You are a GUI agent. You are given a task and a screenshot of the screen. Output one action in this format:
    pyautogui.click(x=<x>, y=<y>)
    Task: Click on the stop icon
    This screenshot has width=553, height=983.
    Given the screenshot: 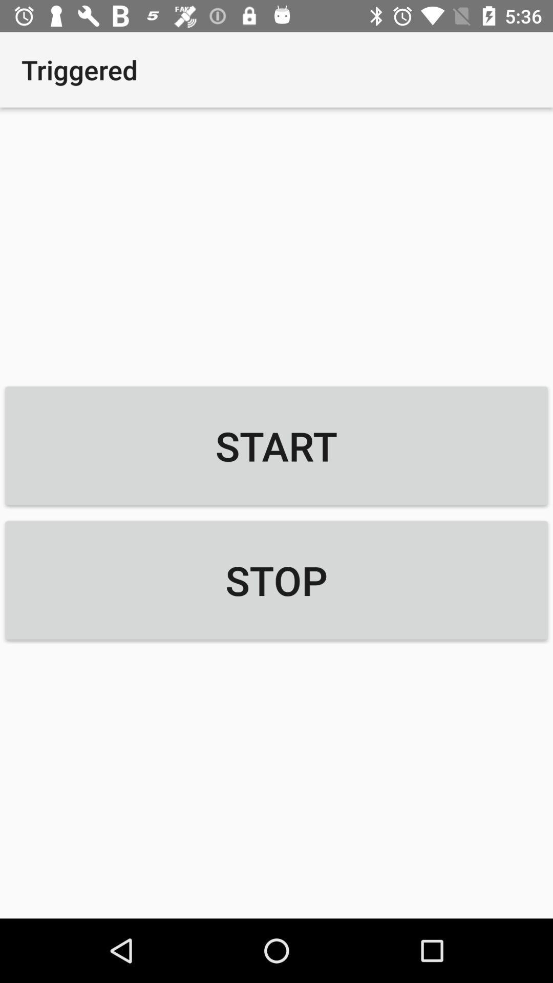 What is the action you would take?
    pyautogui.click(x=276, y=580)
    